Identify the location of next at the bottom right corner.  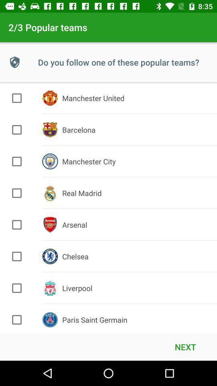
(185, 346).